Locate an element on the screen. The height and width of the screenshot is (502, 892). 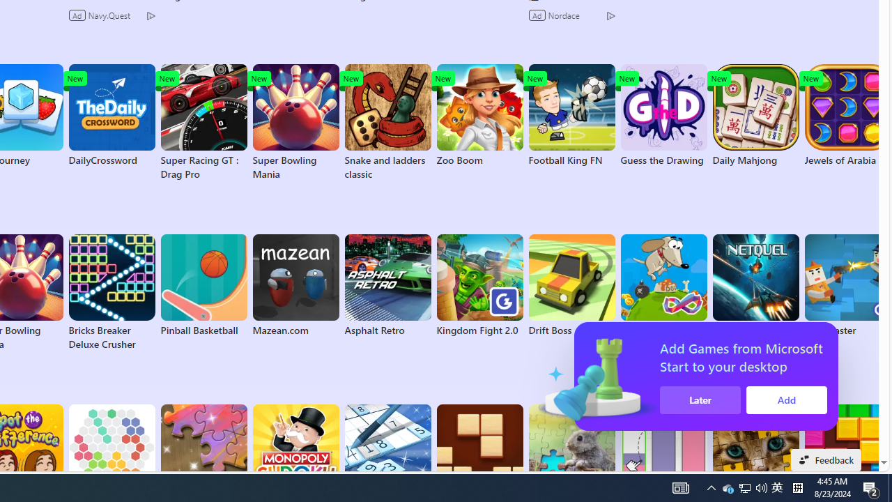
'Mazean.com' is located at coordinates (295, 285).